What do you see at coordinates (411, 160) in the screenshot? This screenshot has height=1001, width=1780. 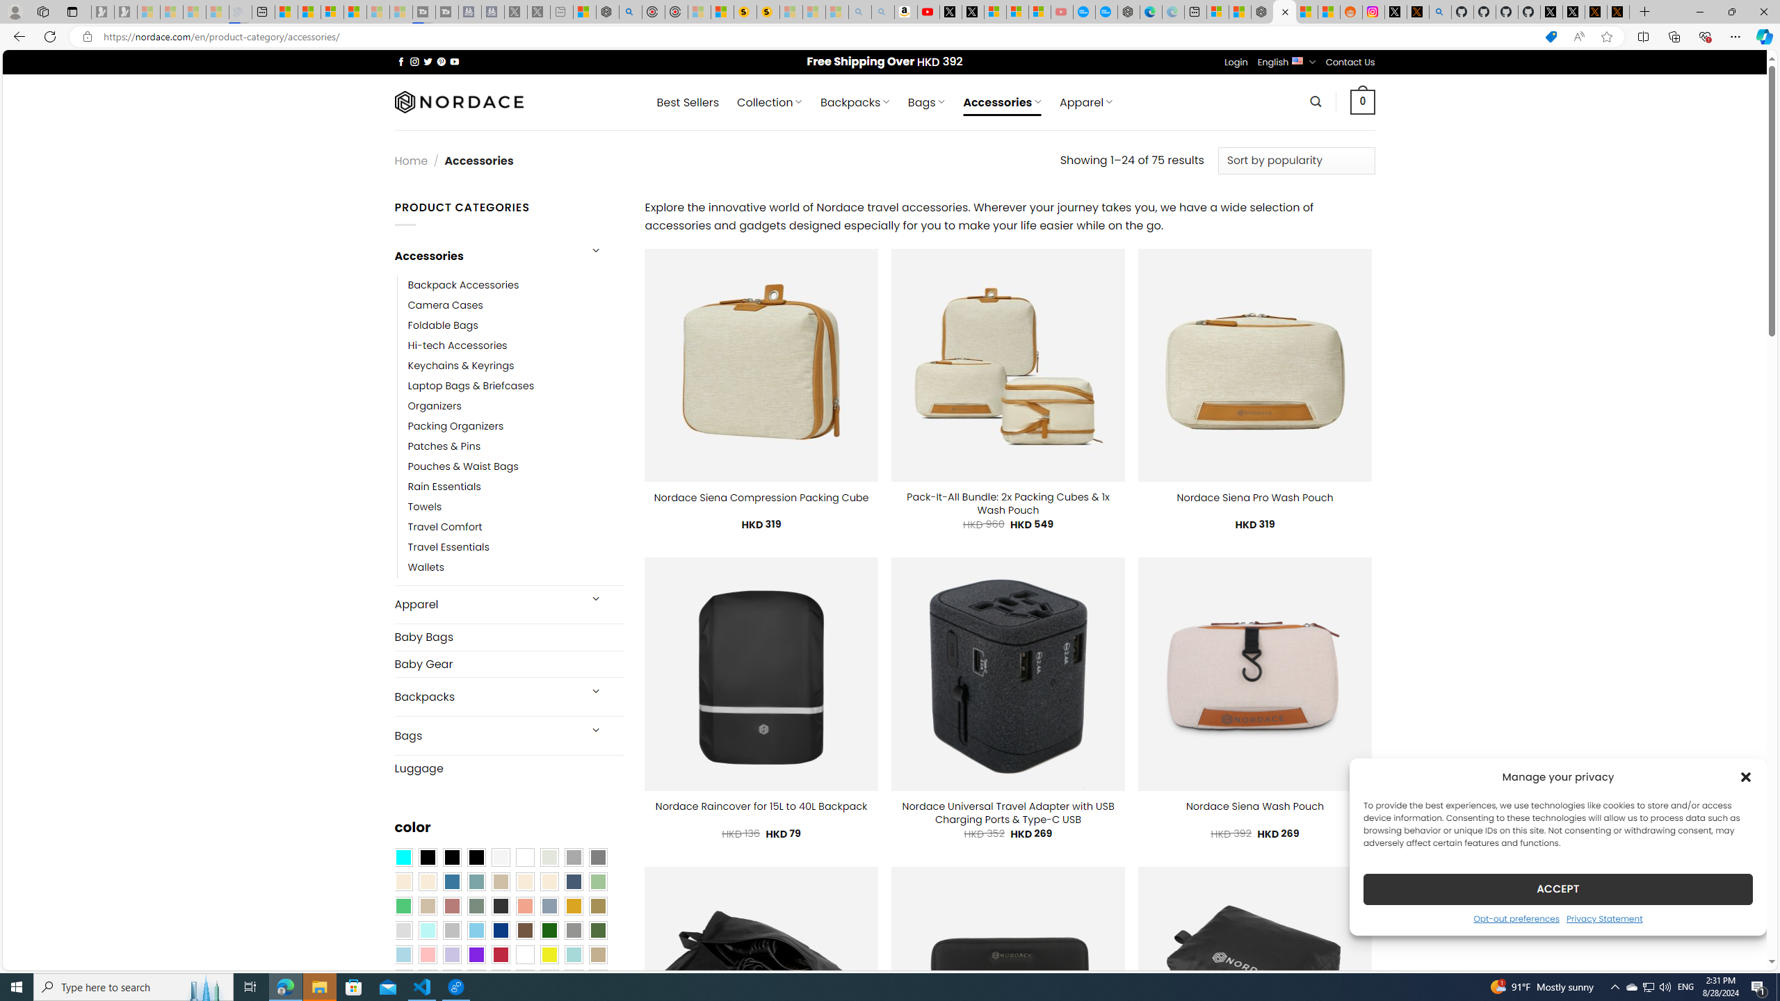 I see `'Home'` at bounding box center [411, 160].